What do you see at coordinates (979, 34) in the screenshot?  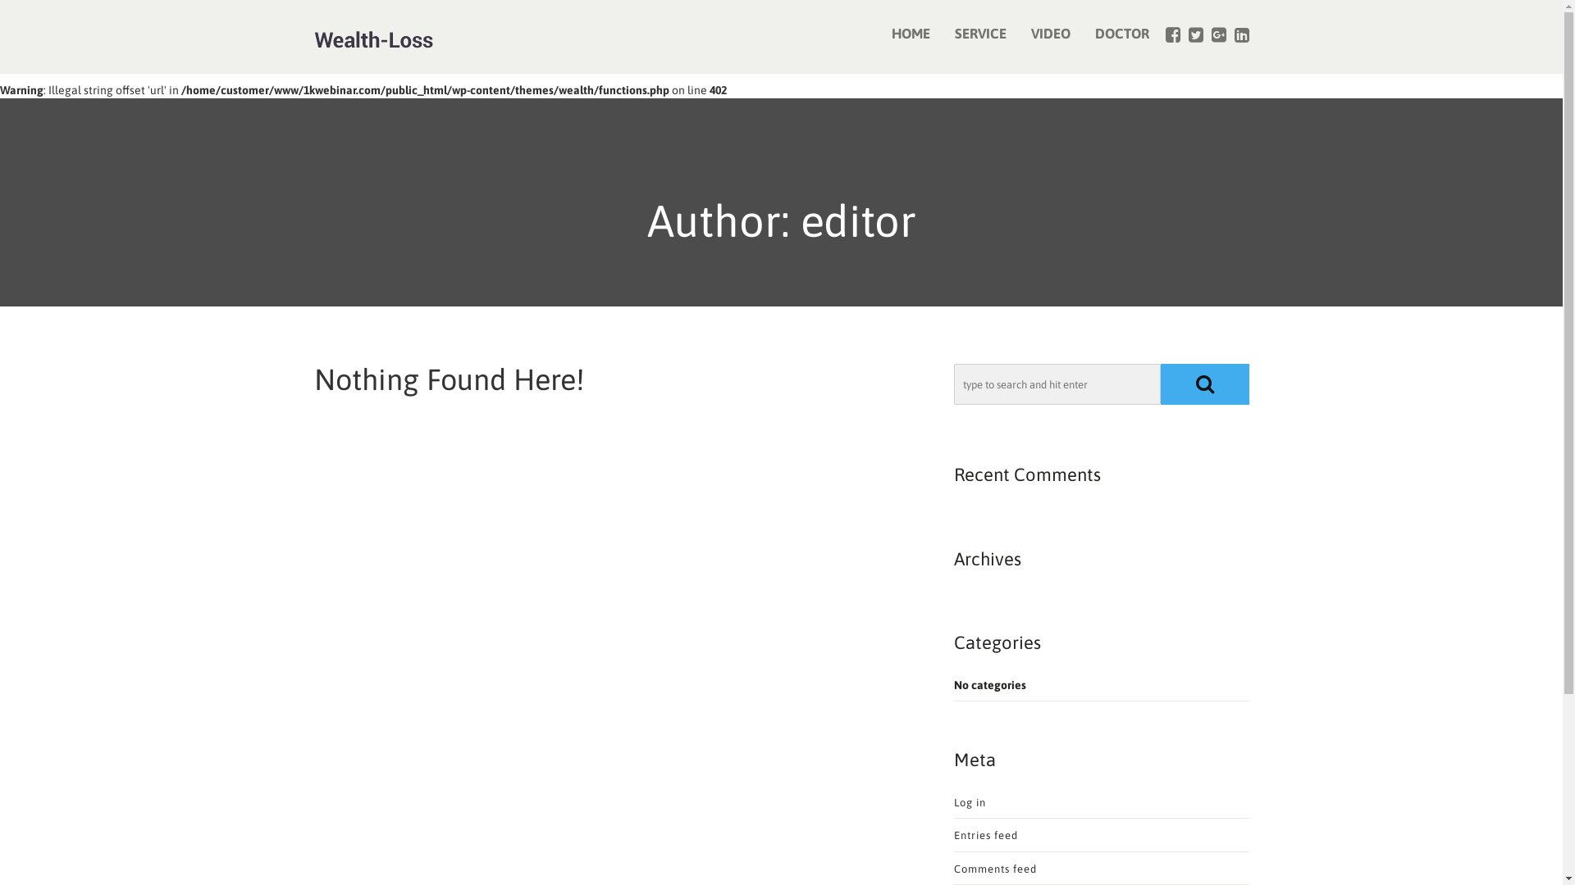 I see `'SERVICE'` at bounding box center [979, 34].